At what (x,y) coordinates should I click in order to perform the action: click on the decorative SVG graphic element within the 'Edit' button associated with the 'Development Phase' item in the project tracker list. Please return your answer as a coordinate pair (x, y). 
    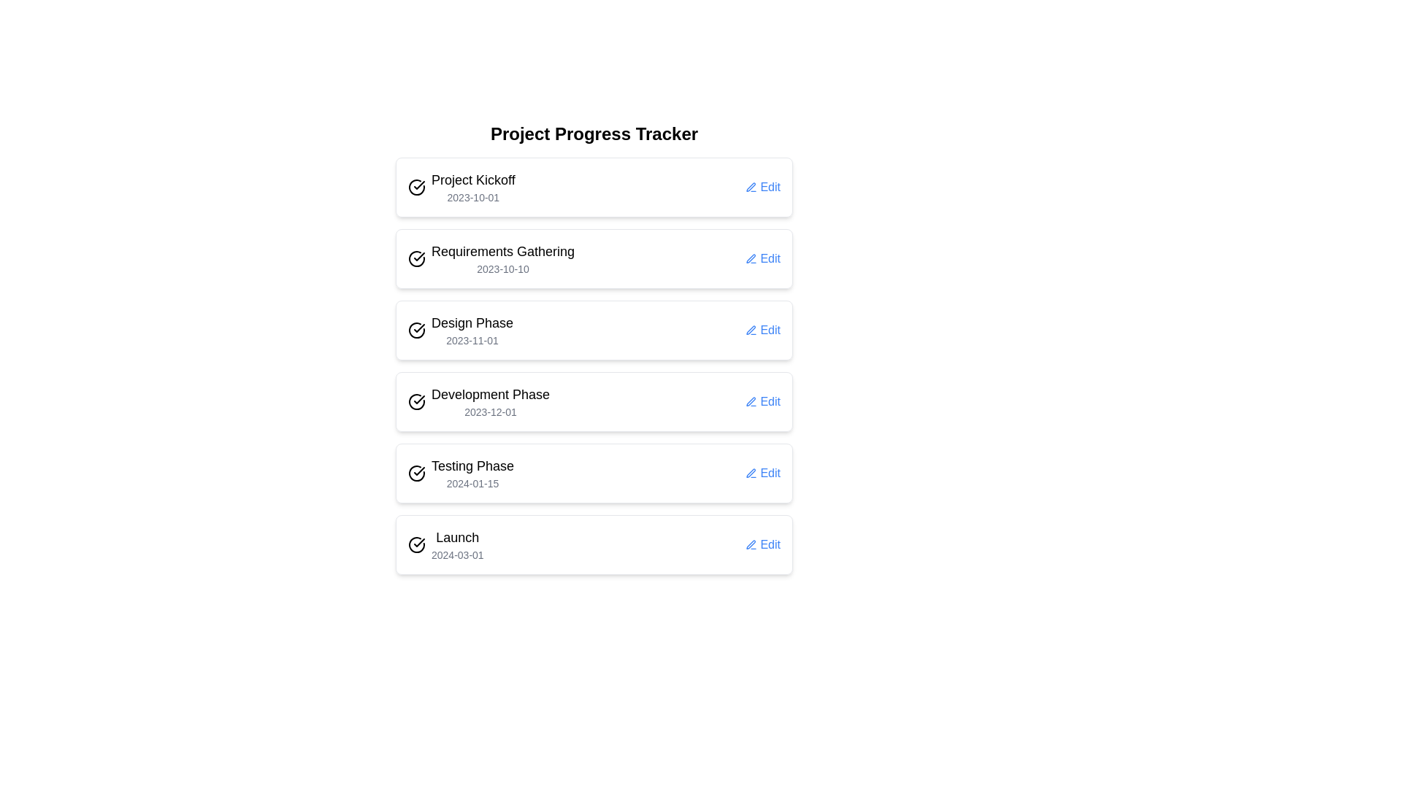
    Looking at the image, I should click on (751, 401).